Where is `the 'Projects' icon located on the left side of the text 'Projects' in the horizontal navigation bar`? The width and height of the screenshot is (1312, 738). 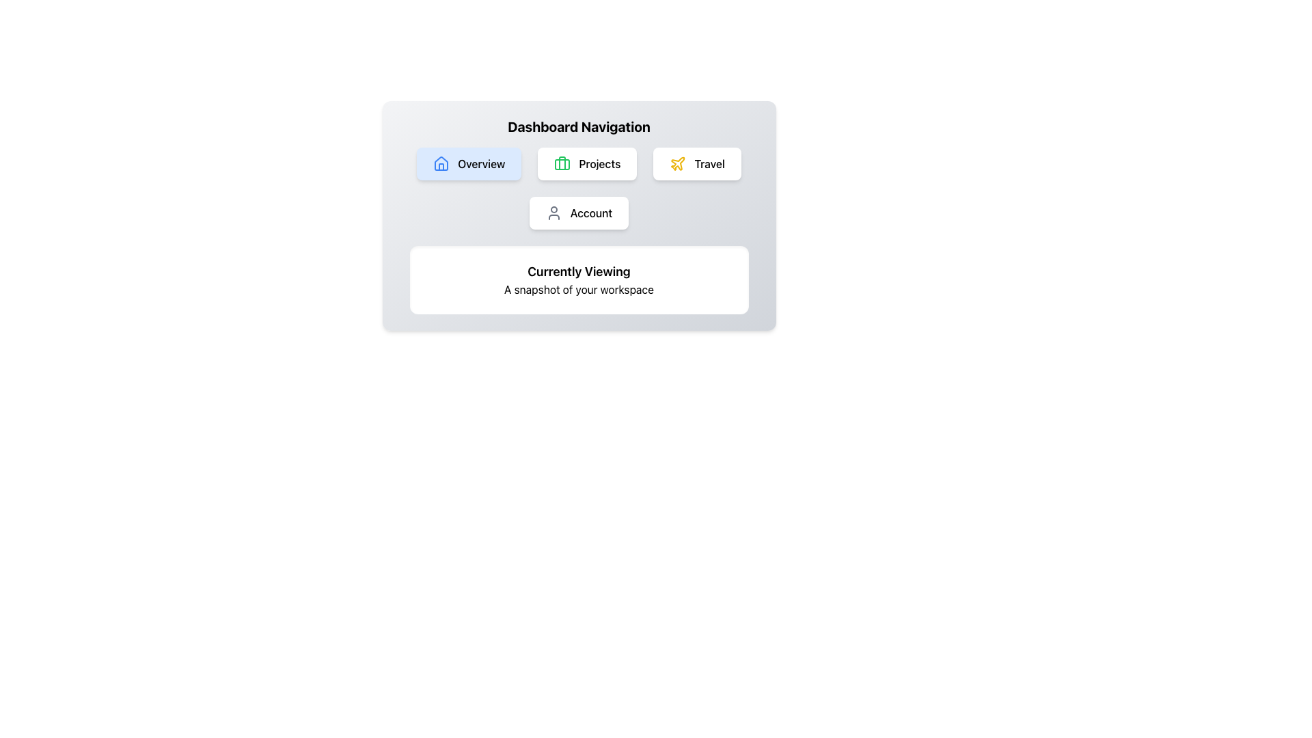 the 'Projects' icon located on the left side of the text 'Projects' in the horizontal navigation bar is located at coordinates (562, 163).